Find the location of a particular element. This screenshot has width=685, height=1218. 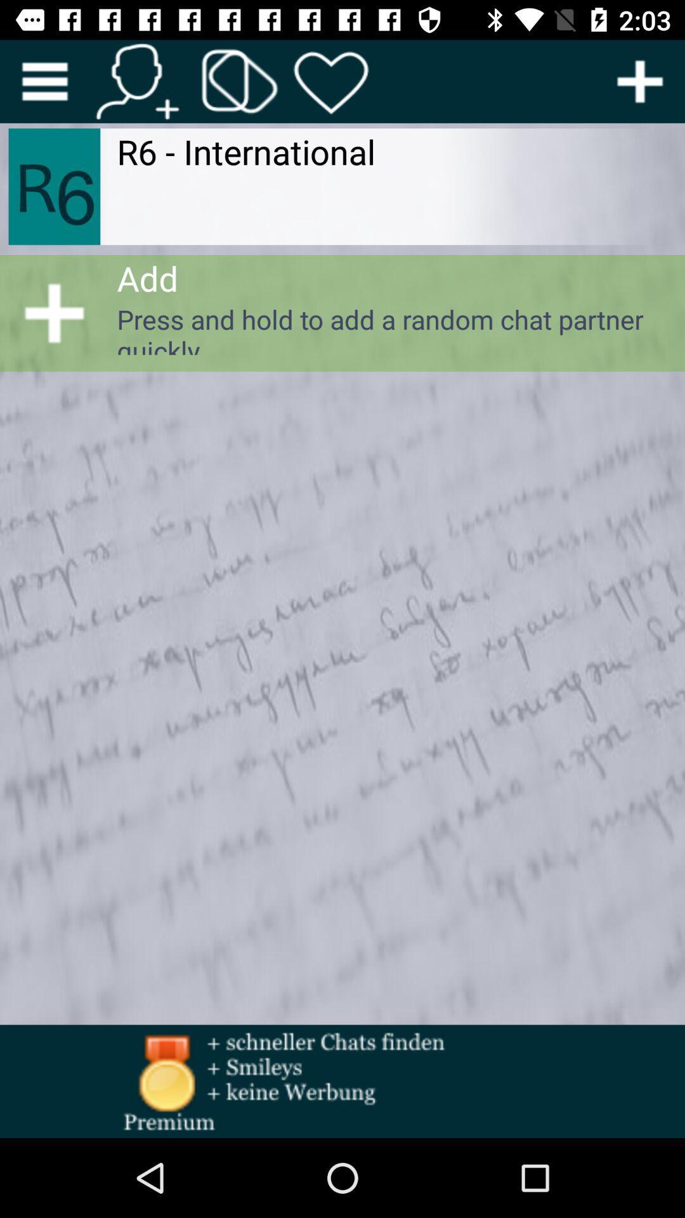

chat partner is located at coordinates (640, 81).